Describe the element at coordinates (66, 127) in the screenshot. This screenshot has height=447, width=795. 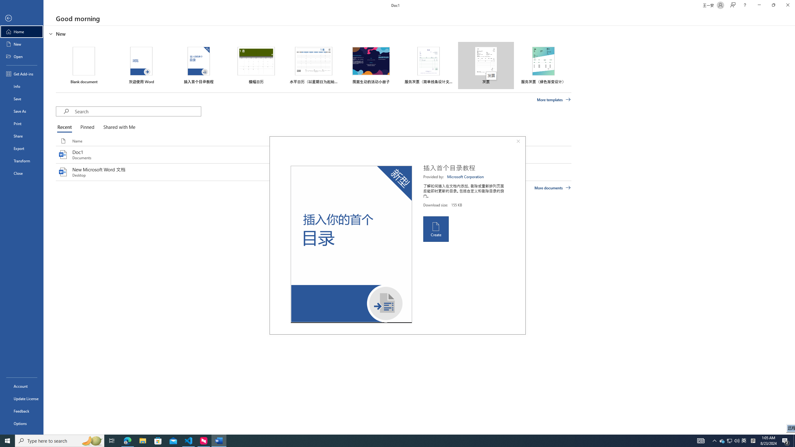
I see `'Recent'` at that location.